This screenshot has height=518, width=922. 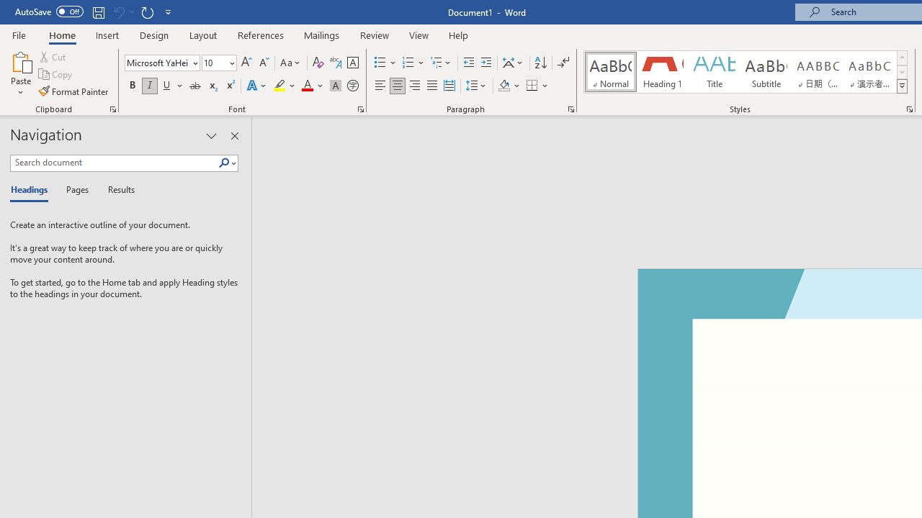 What do you see at coordinates (306, 86) in the screenshot?
I see `'Font Color Red'` at bounding box center [306, 86].